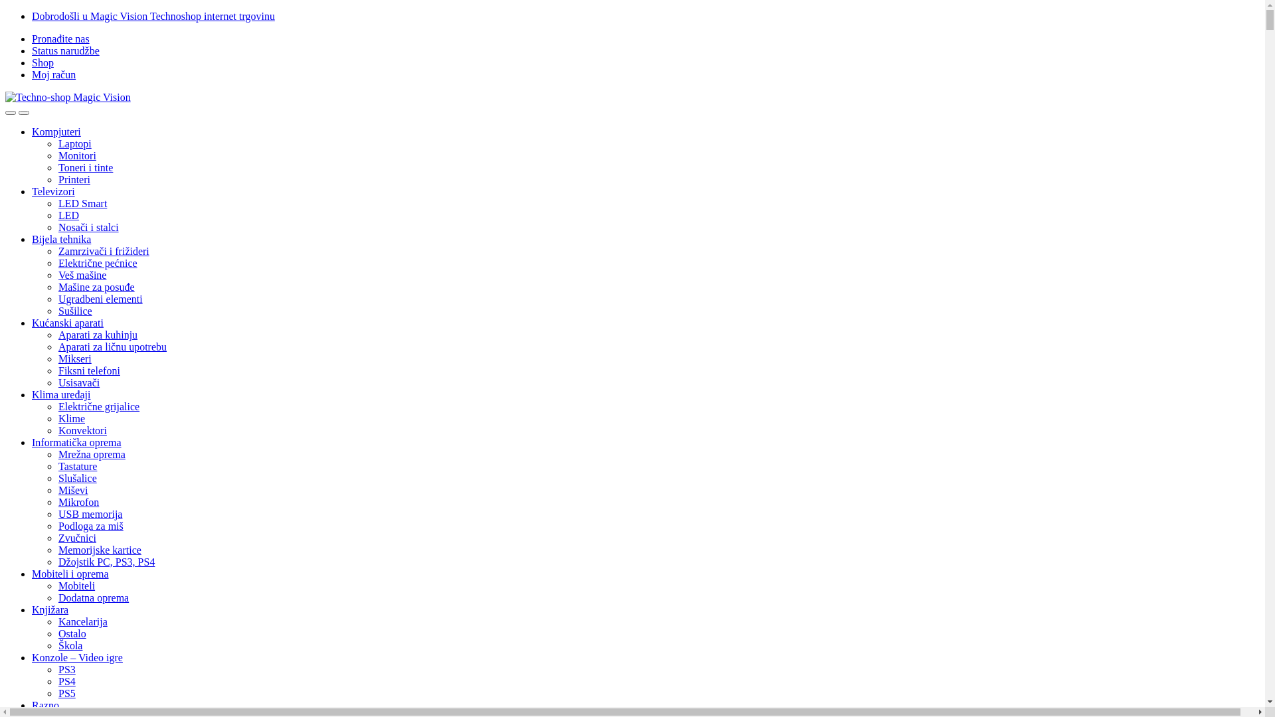  I want to click on 'PS3', so click(57, 669).